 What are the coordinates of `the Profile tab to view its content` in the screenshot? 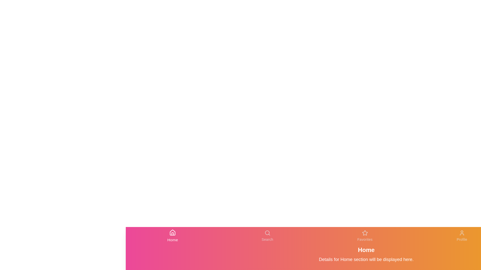 It's located at (461, 236).